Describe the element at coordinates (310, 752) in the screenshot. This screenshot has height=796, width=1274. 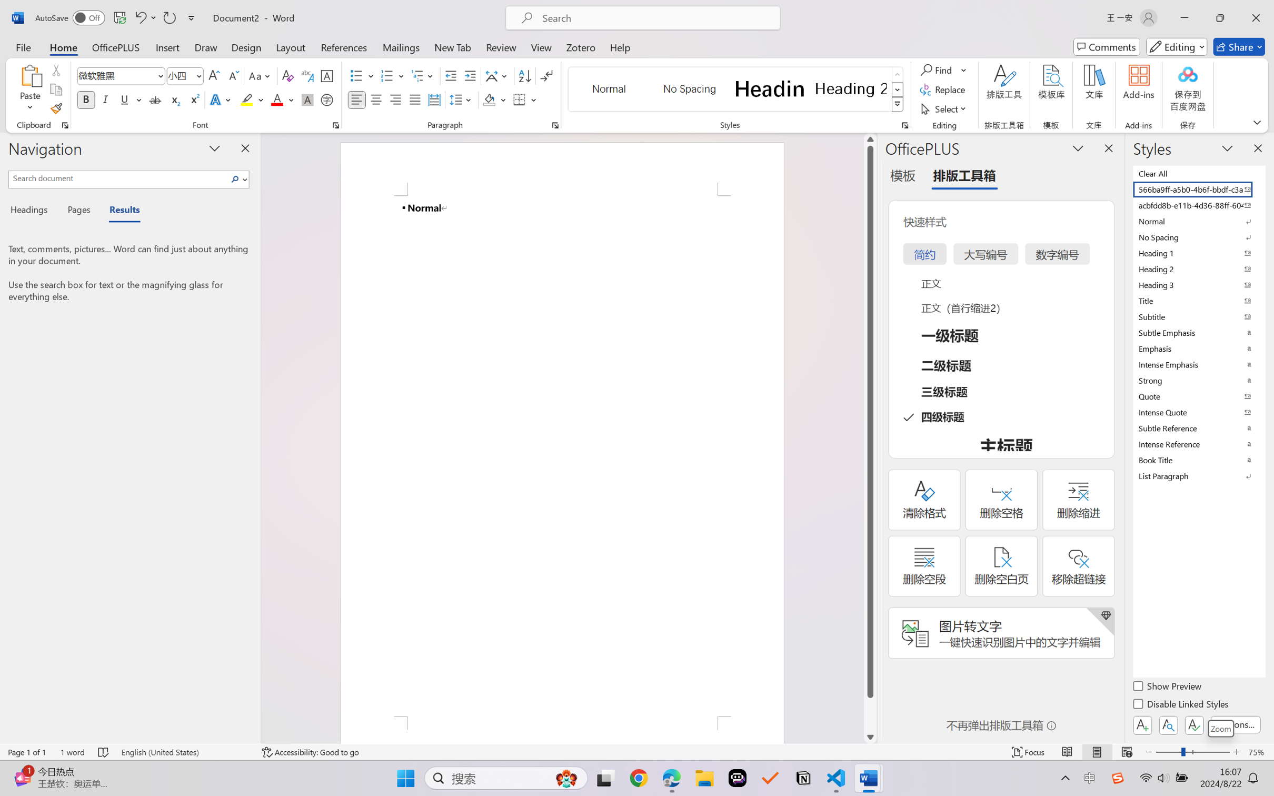
I see `'Accessibility Checker Accessibility: Good to go'` at that location.